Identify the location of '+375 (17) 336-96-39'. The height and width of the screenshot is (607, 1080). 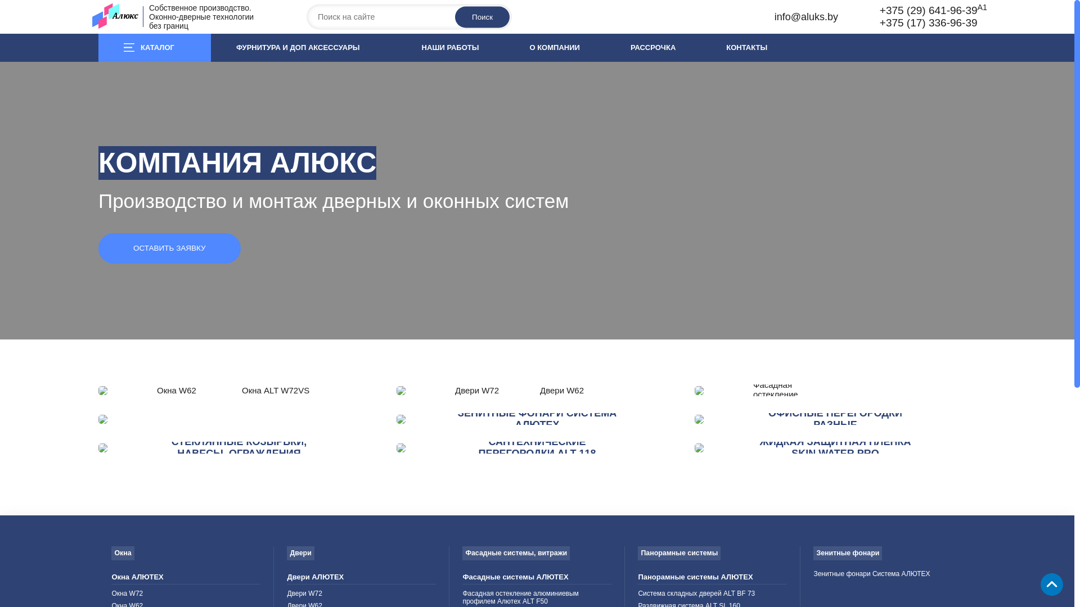
(879, 22).